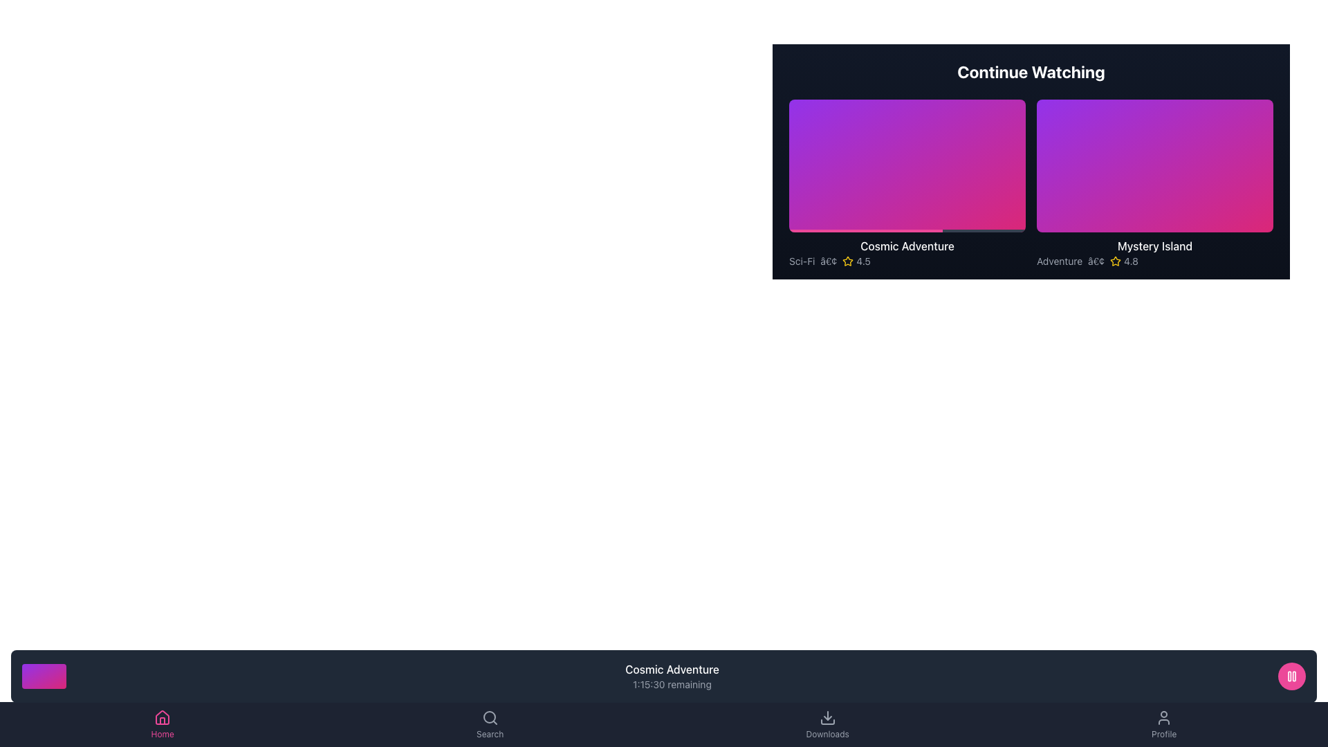  Describe the element at coordinates (1031, 72) in the screenshot. I see `the text-based heading labeled 'Continue Watching', which is prominently visible in bold white font against a dark background, located at the top of the content section` at that location.